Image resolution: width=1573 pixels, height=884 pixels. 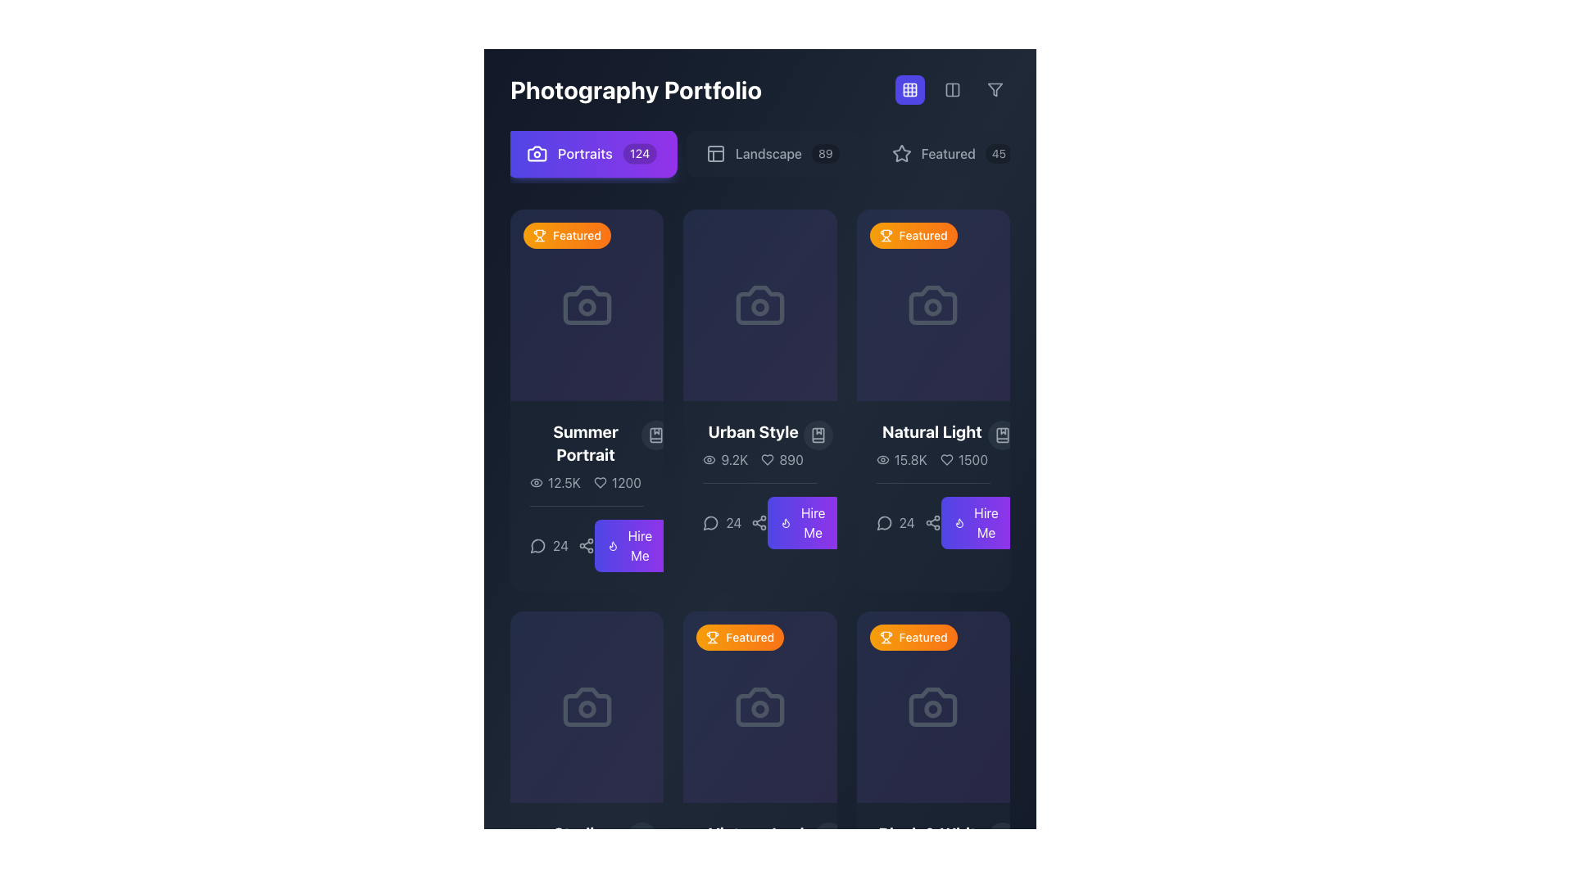 I want to click on the static text displaying the number '890', which is in white on a dark background and is styled in a simple sans-serif font, located beneath the title in the 'Urban Style' card, so click(x=791, y=460).